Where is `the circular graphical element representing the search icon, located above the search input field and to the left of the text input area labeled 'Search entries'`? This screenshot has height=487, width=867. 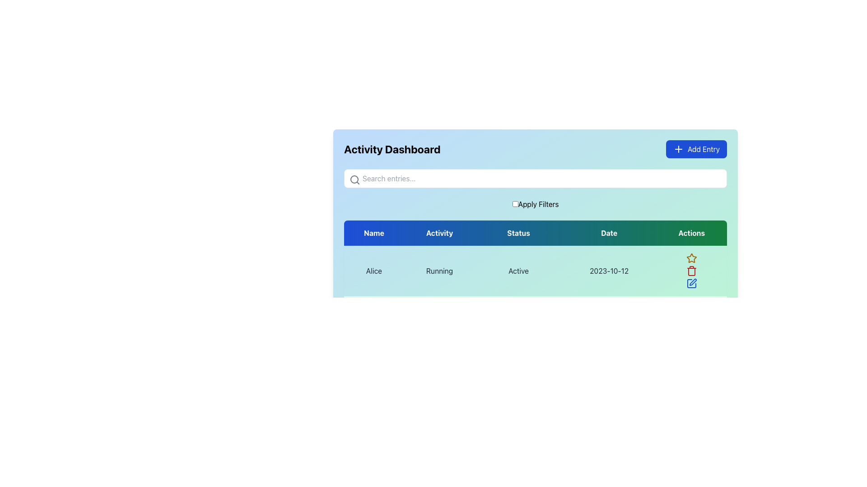 the circular graphical element representing the search icon, located above the search input field and to the left of the text input area labeled 'Search entries' is located at coordinates (354, 179).